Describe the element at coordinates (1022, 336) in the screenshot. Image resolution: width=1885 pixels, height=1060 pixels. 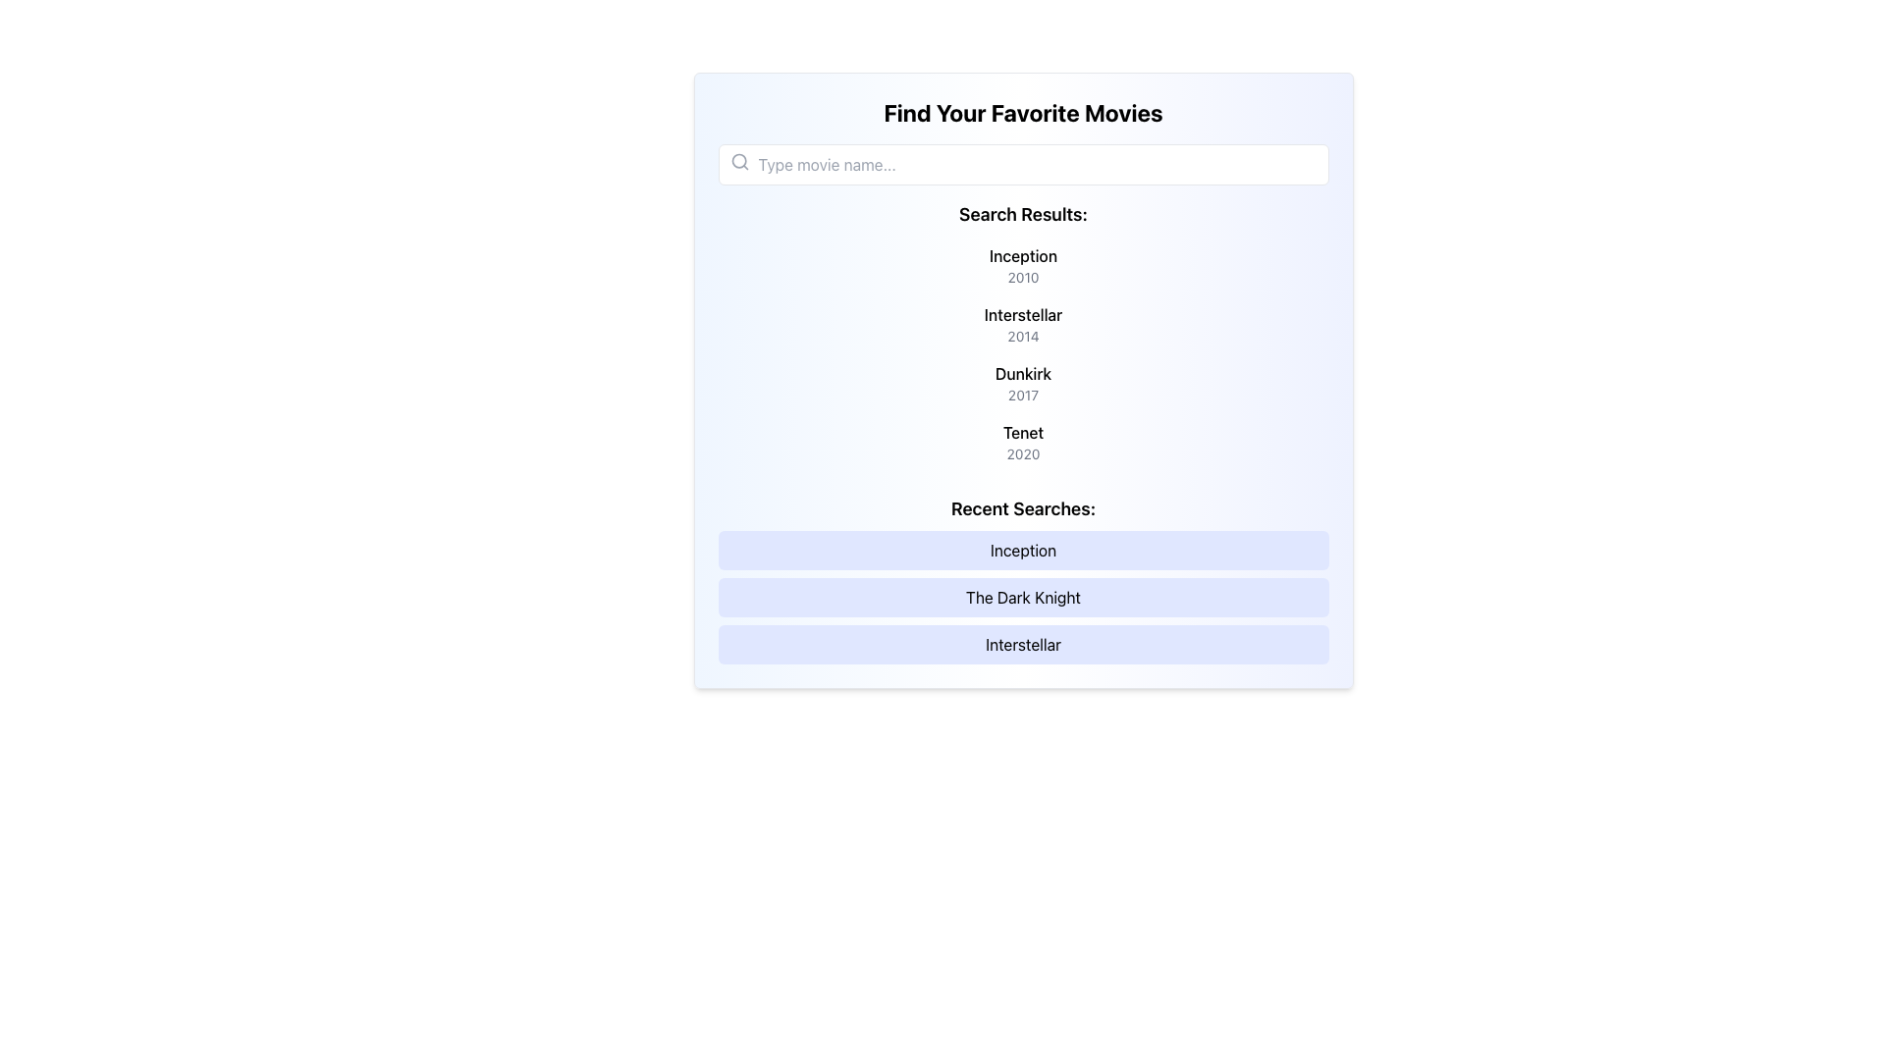
I see `text label displaying the release year of the movie 'Interstellar' located below the title 'Interstellar' in the search results section` at that location.